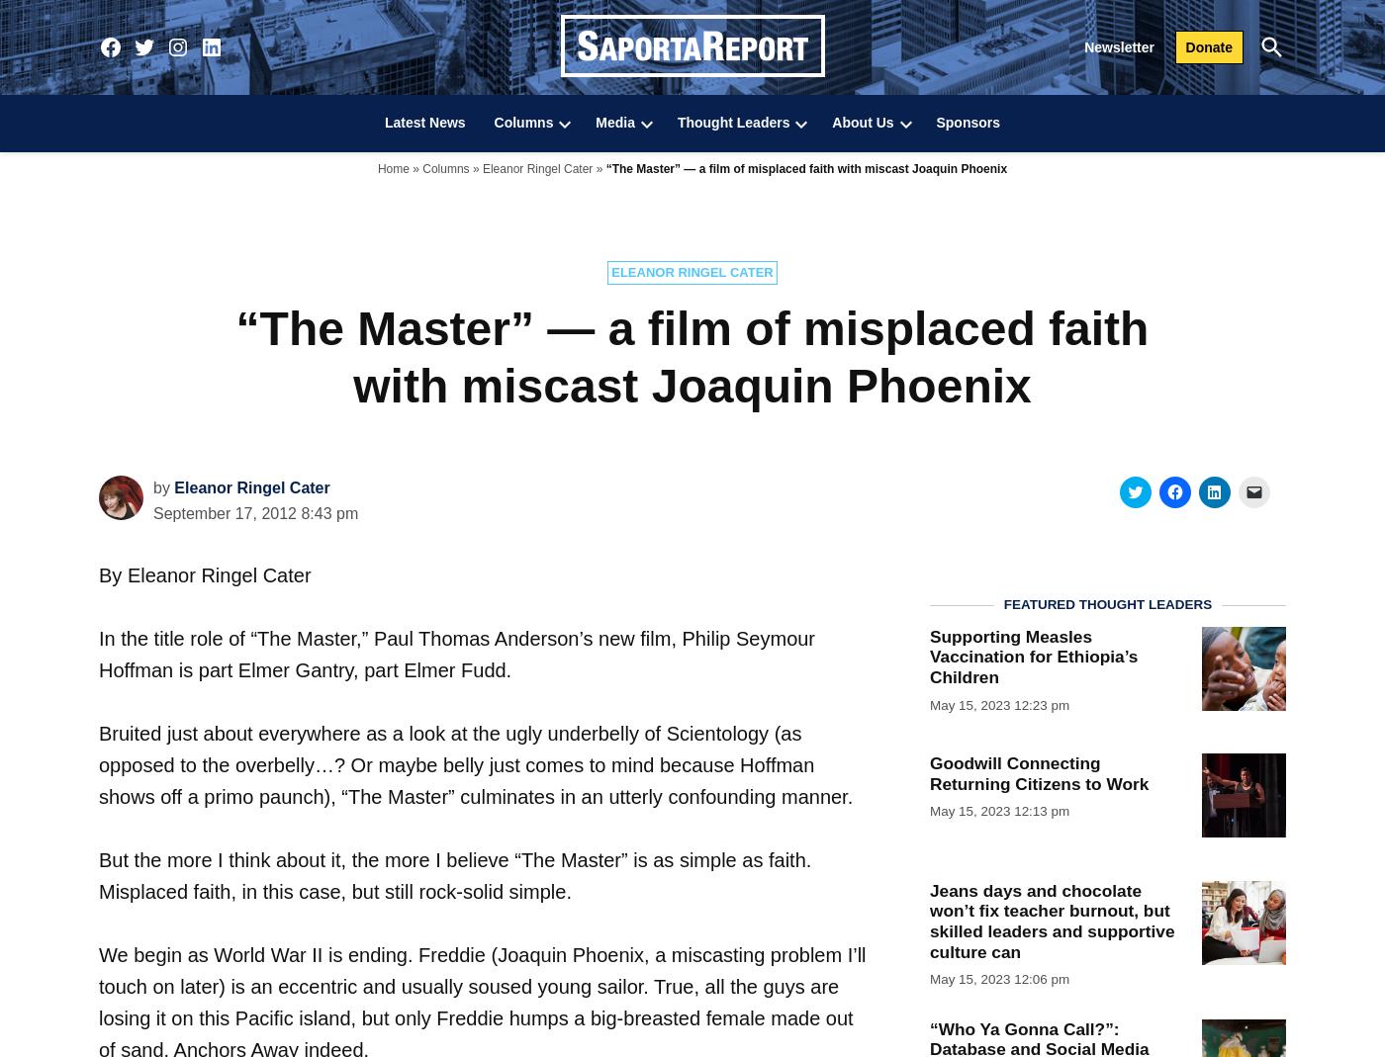  I want to click on 'Newsletter', so click(1119, 45).